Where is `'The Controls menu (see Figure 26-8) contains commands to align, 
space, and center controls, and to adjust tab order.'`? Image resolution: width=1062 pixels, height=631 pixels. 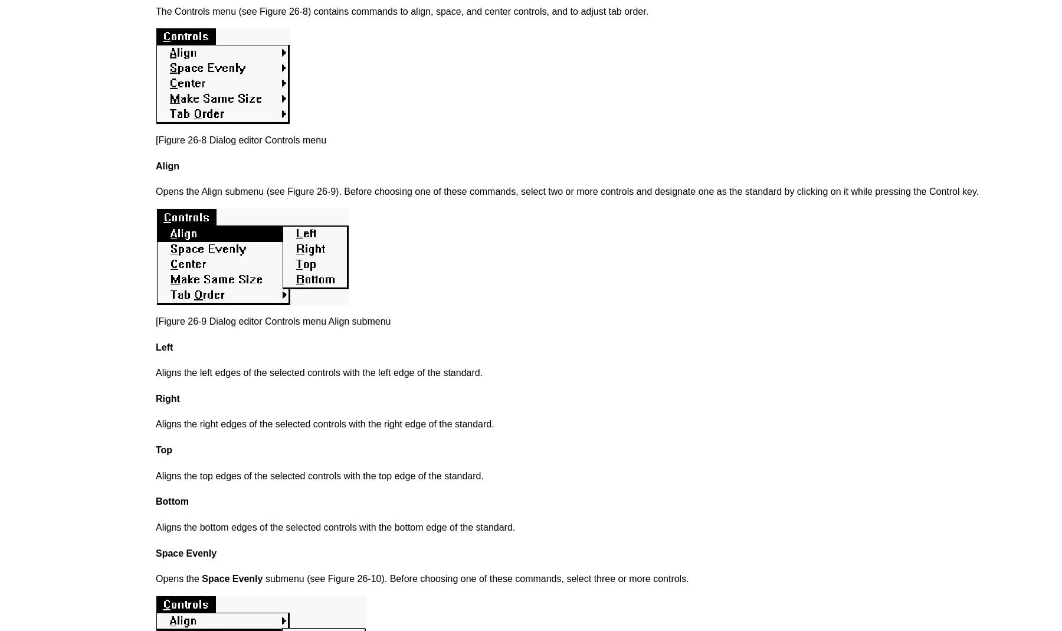
'The Controls menu (see Figure 26-8) contains commands to align, 
space, and center controls, and to adjust tab order.' is located at coordinates (155, 10).